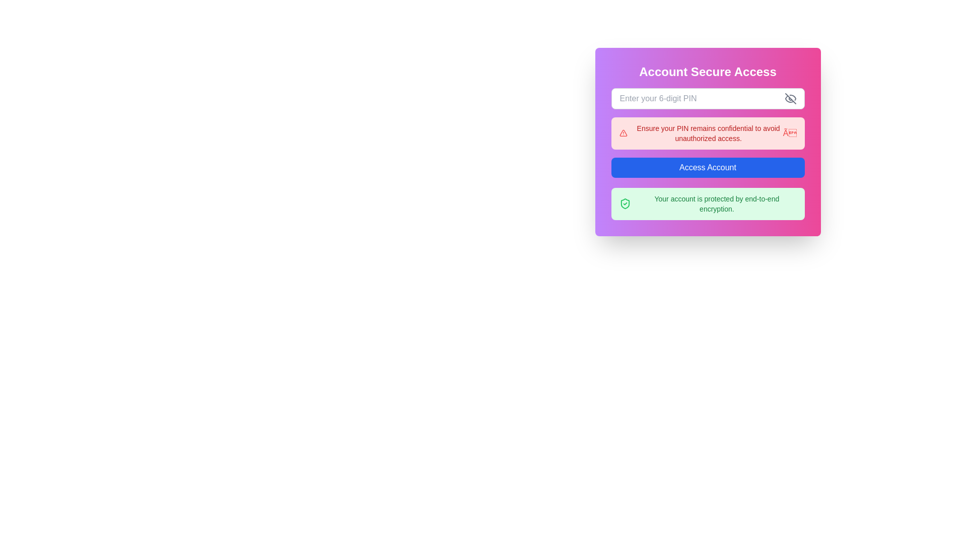 This screenshot has width=967, height=544. I want to click on the informational notification box that provides assurance about account security through end-to-end encryption, located below the blue 'Access Account' button, so click(707, 204).